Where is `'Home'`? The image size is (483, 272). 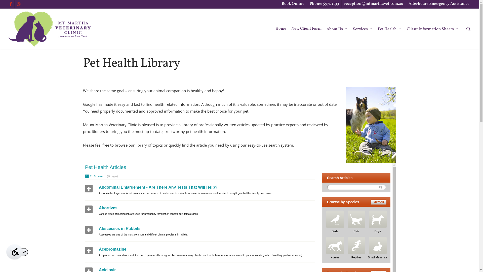 'Home' is located at coordinates (275, 29).